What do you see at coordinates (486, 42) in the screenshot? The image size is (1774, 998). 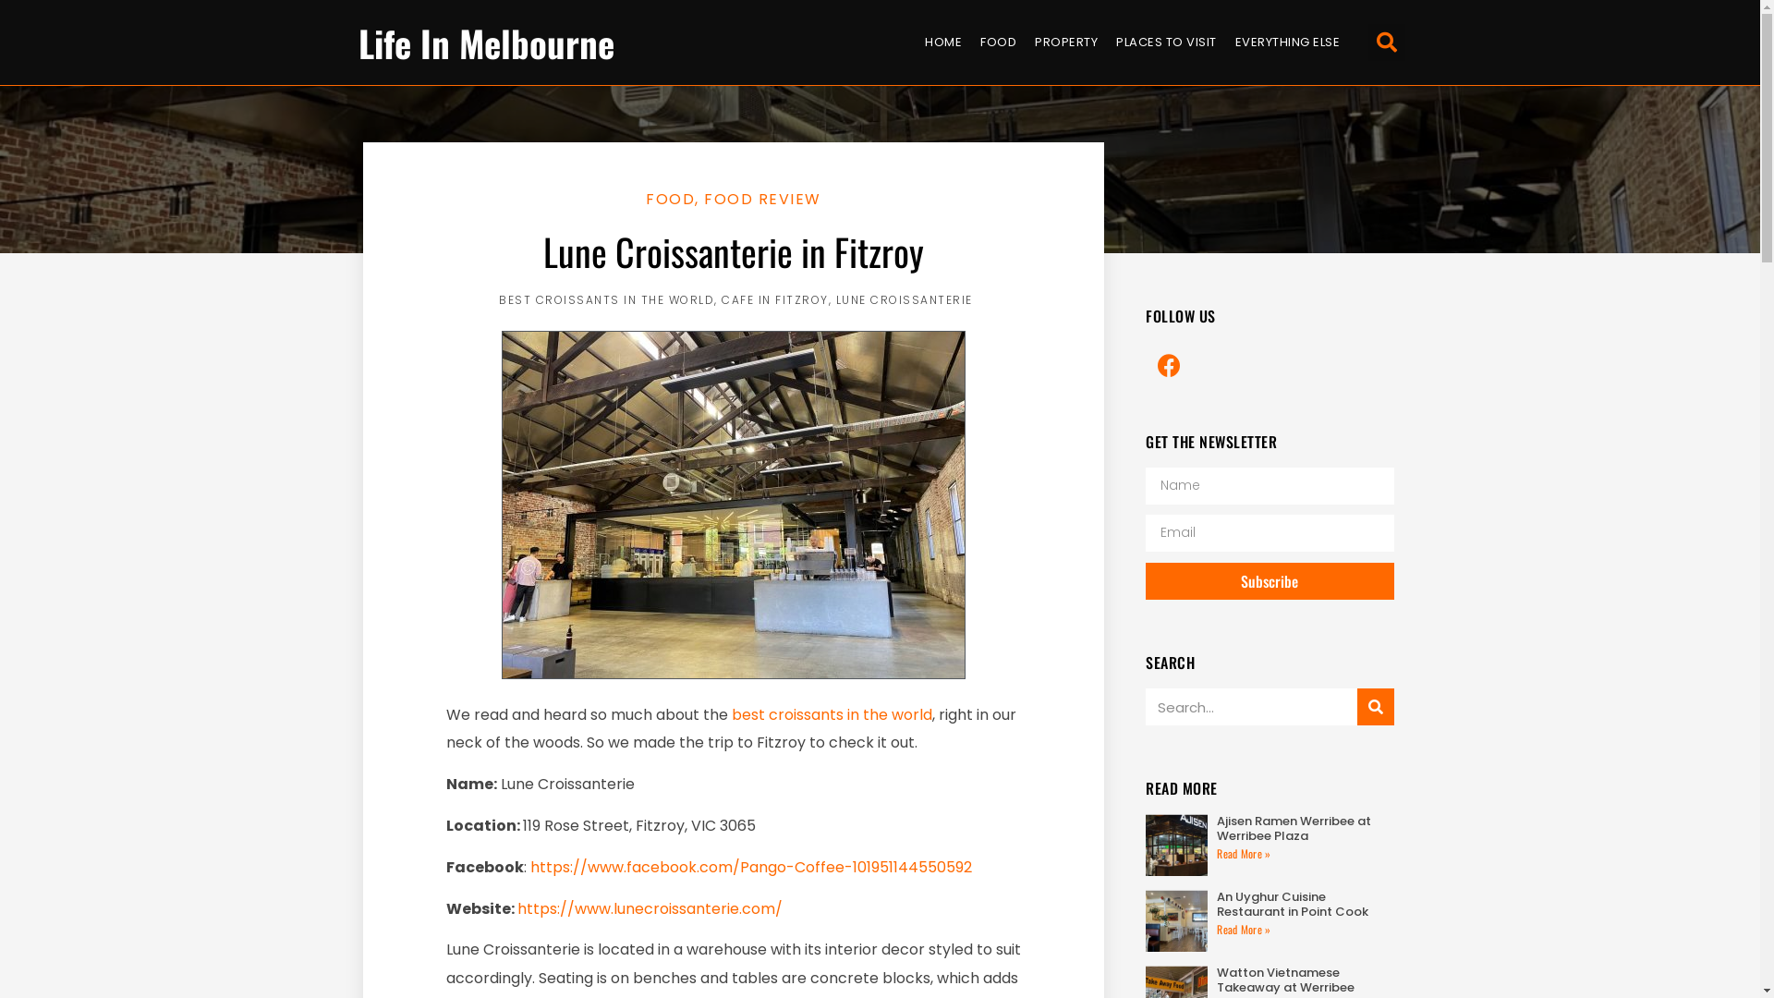 I see `'Life In Melbourne'` at bounding box center [486, 42].